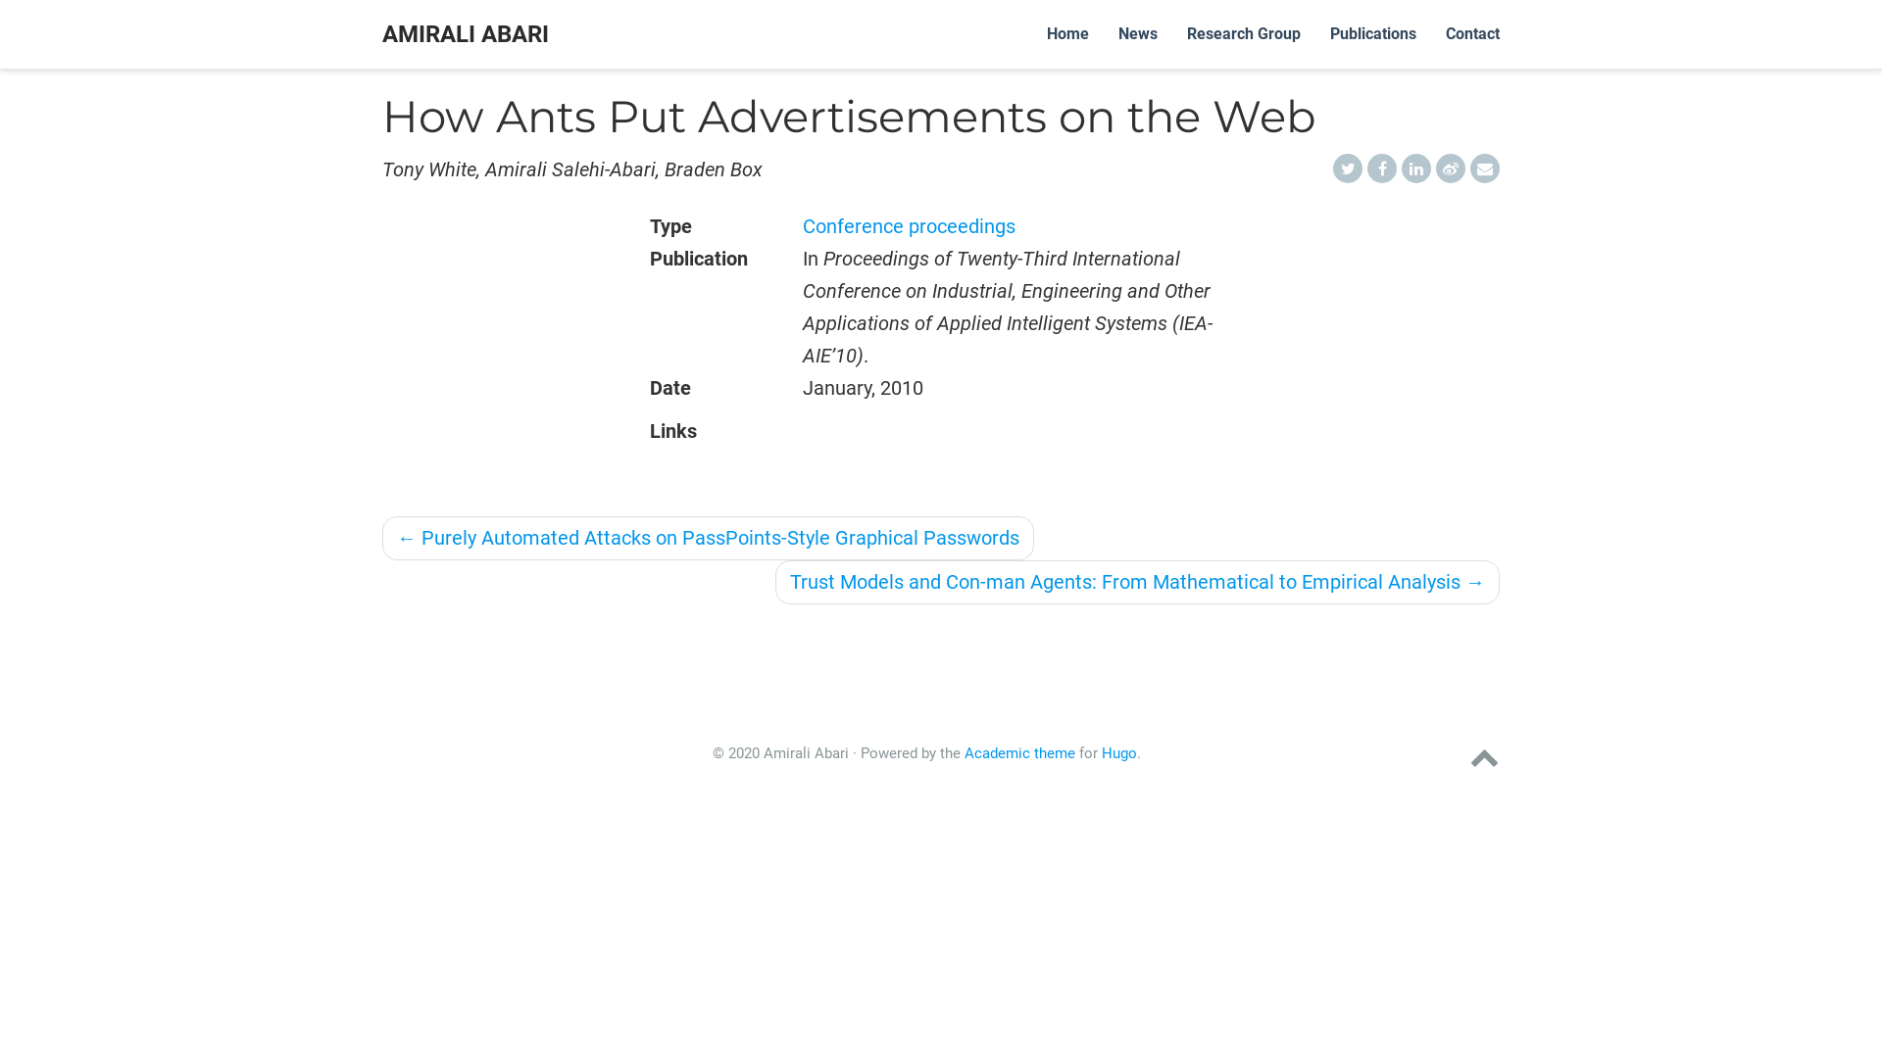 This screenshot has height=1058, width=1882. Describe the element at coordinates (1119, 751) in the screenshot. I see `'Hugo'` at that location.